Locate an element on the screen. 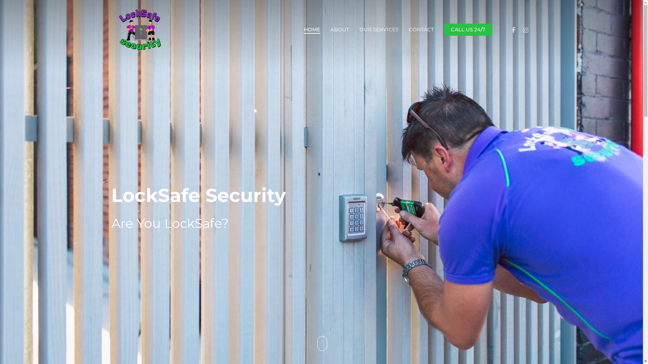 This screenshot has height=364, width=648. 'ABOUT' is located at coordinates (340, 29).